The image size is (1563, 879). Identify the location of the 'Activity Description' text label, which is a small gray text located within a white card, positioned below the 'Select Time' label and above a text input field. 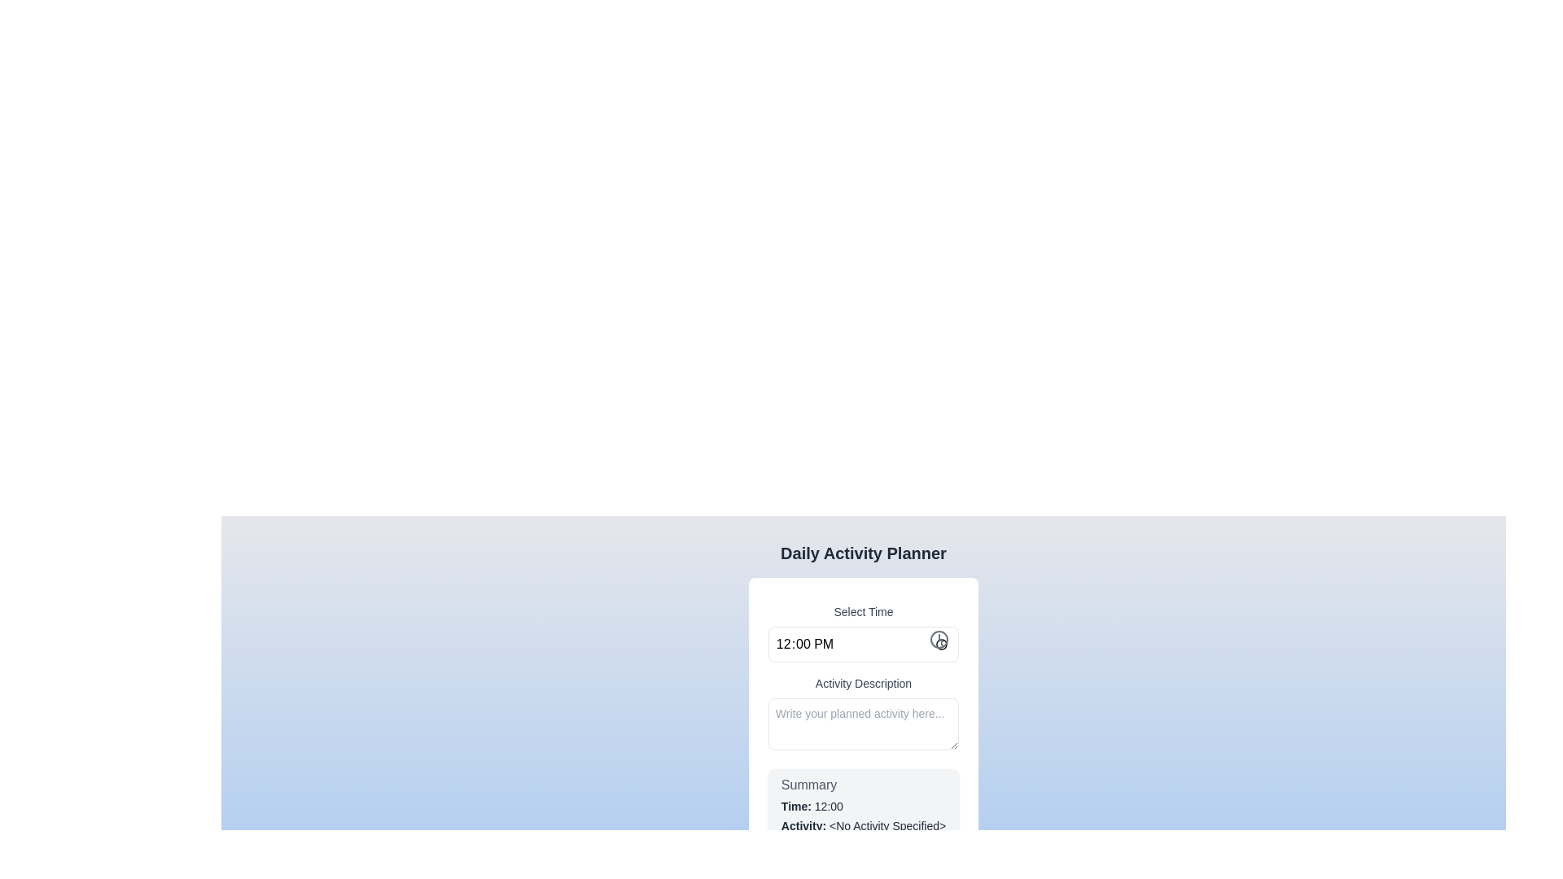
(862, 684).